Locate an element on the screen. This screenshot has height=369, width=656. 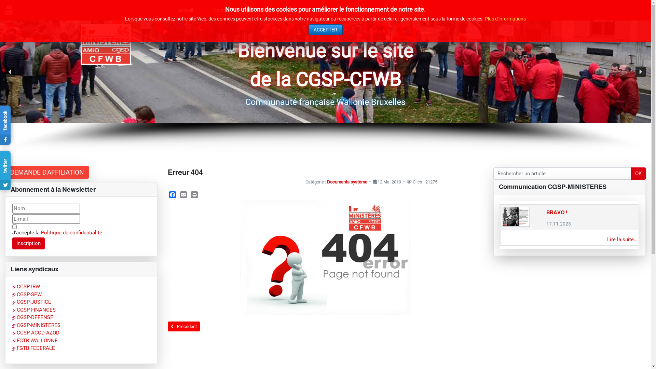
'DEMANDE D'AFFILIATION' is located at coordinates (47, 172).